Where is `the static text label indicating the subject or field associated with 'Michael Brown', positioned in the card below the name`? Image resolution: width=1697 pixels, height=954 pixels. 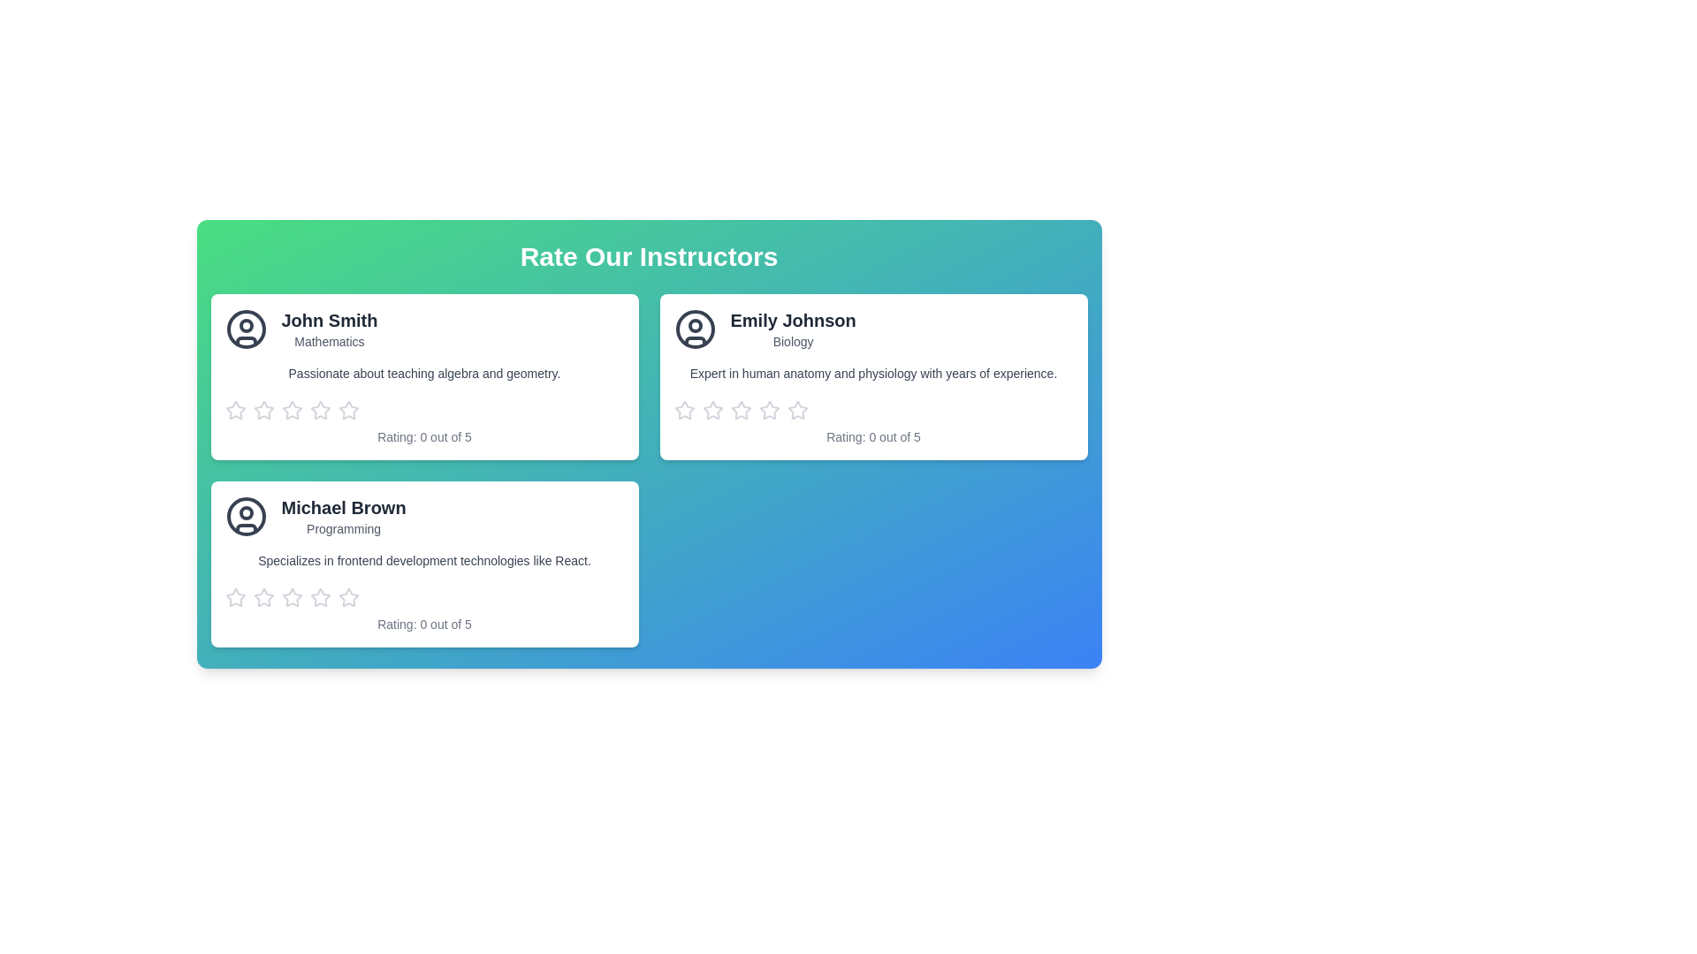
the static text label indicating the subject or field associated with 'Michael Brown', positioned in the card below the name is located at coordinates (343, 527).